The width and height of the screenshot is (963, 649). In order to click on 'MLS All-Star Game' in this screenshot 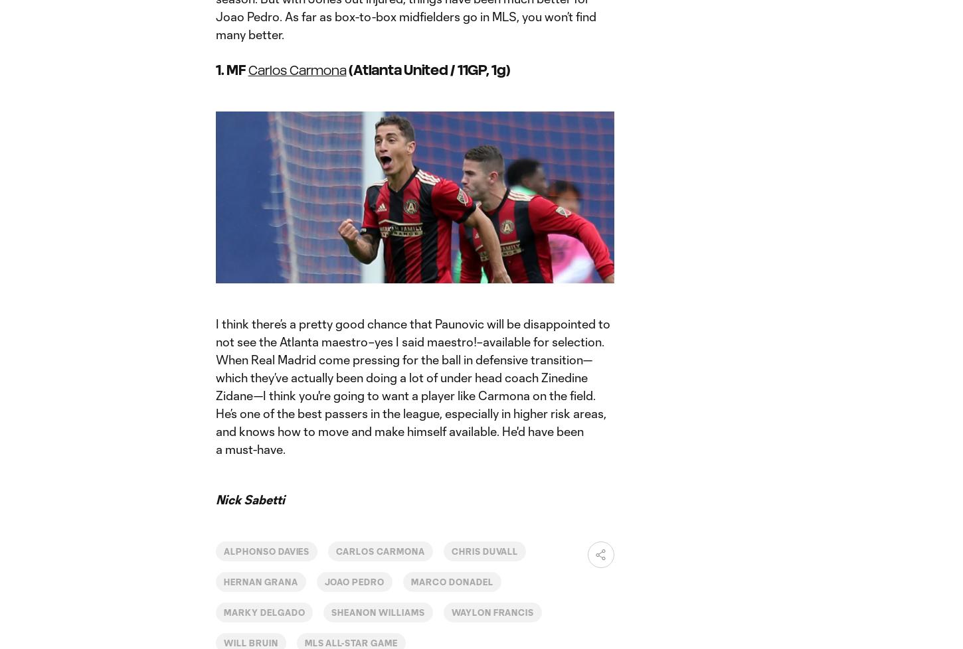, I will do `click(350, 642)`.